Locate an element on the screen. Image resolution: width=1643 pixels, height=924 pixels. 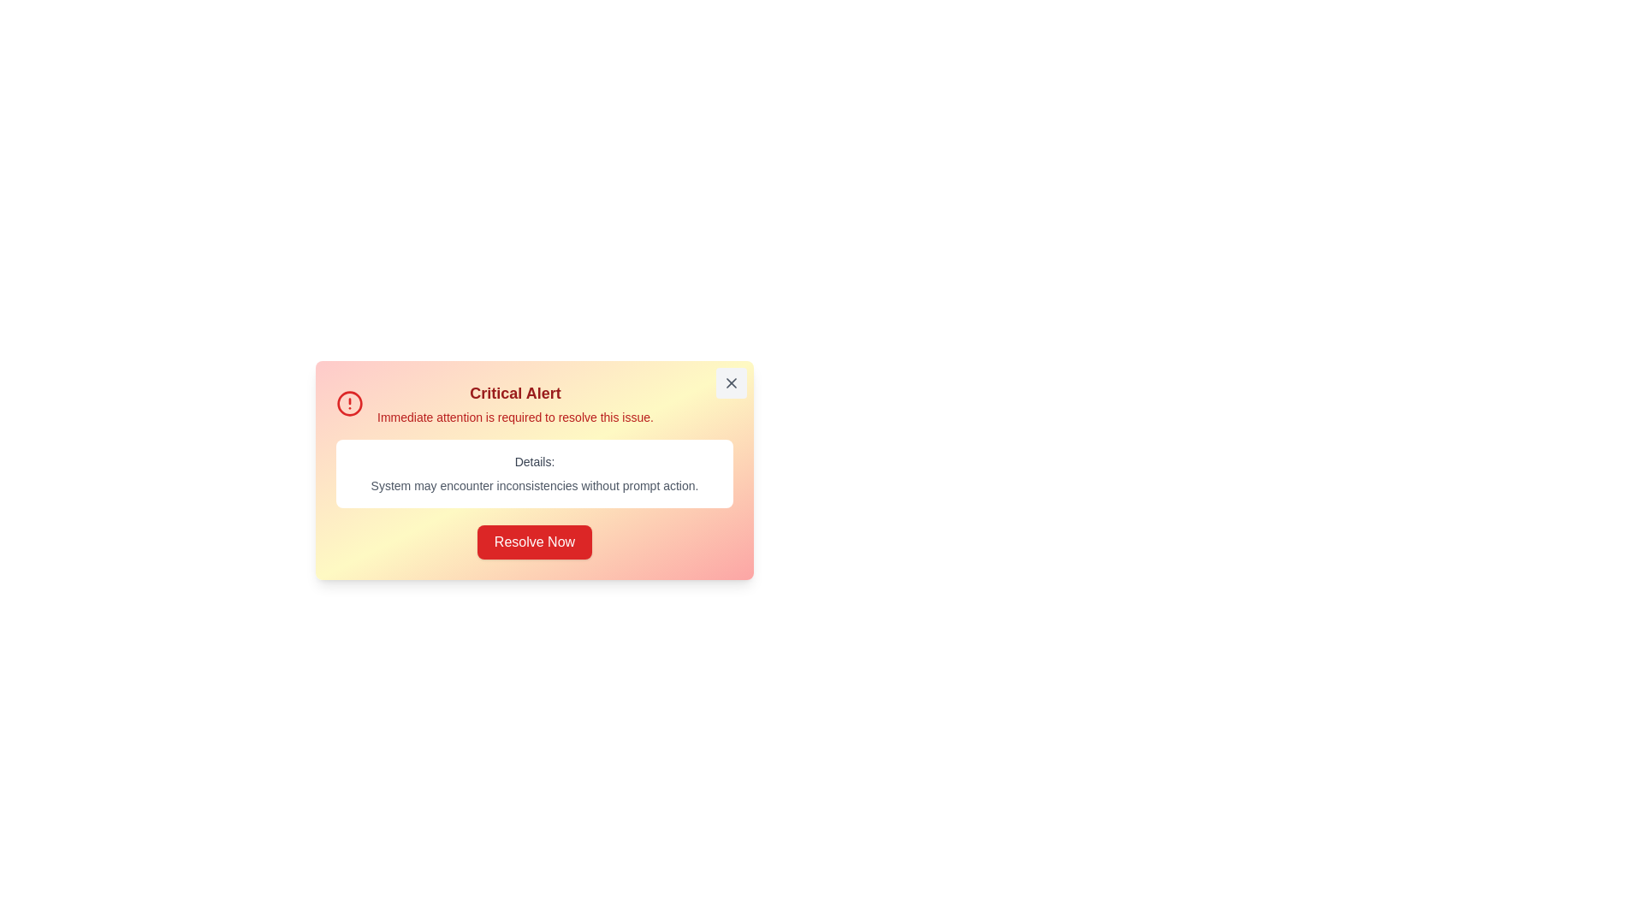
the 'Resolve Now' button to acknowledge the issue is located at coordinates (533, 542).